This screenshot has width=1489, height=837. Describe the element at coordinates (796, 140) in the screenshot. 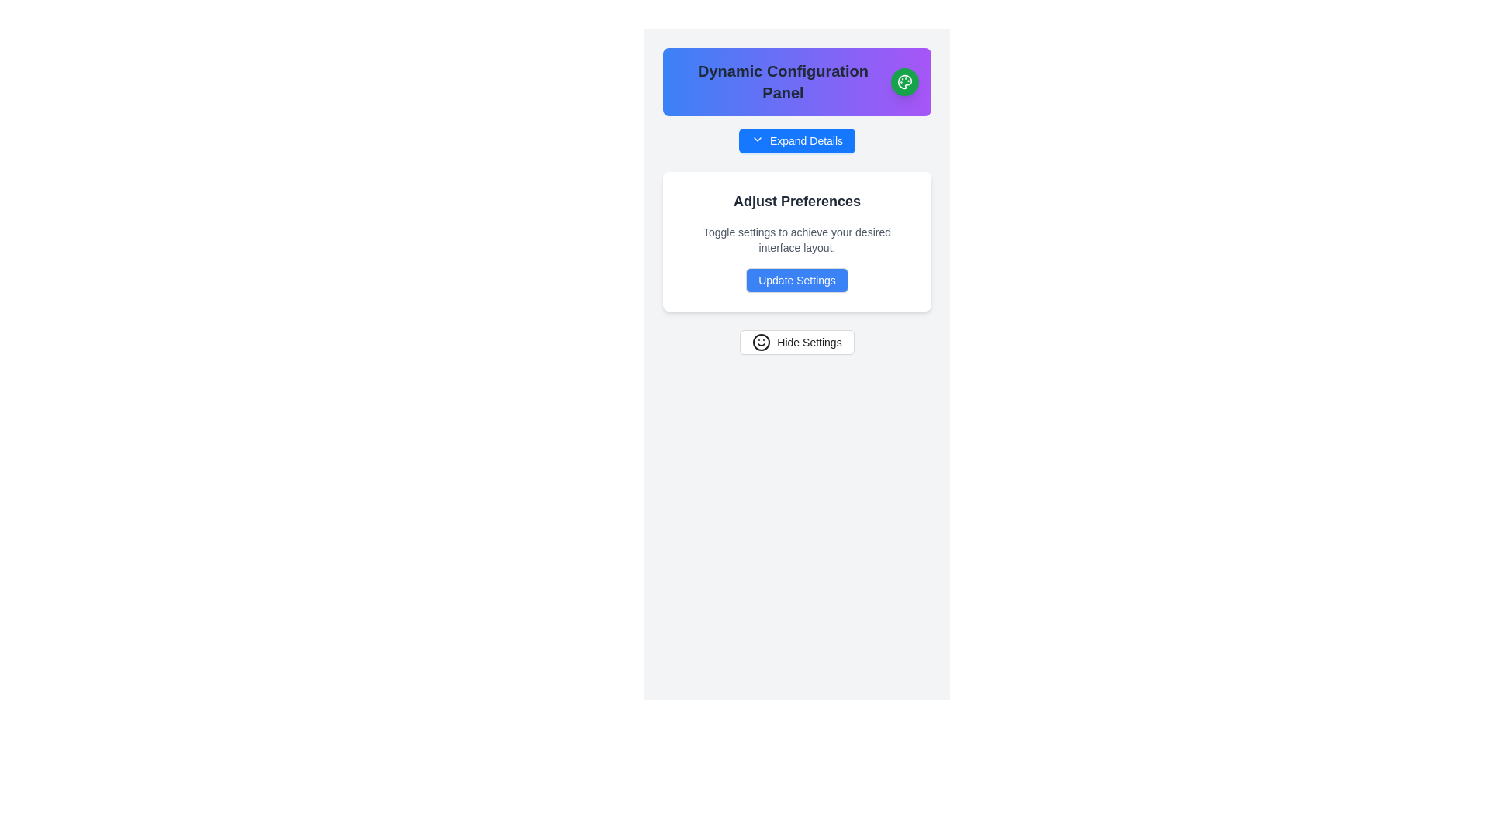

I see `the button located directly below the label 'Dynamic Configuration Panel'` at that location.